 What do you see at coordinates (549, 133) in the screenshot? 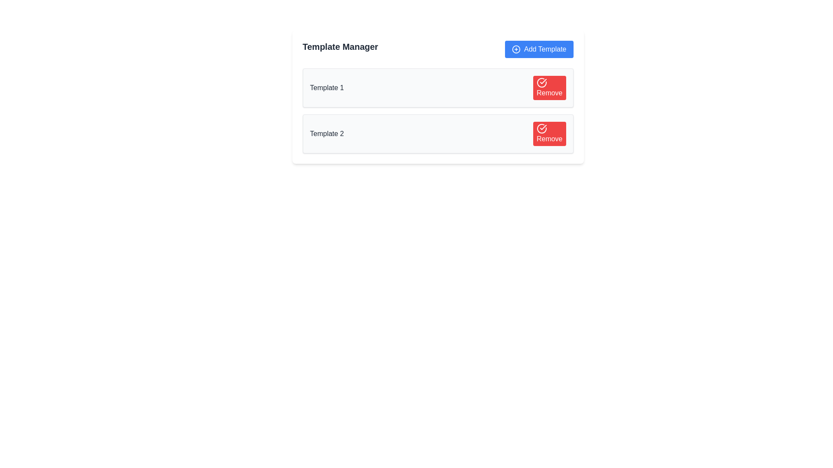
I see `the 'Remove' button associated with 'Template 2'` at bounding box center [549, 133].